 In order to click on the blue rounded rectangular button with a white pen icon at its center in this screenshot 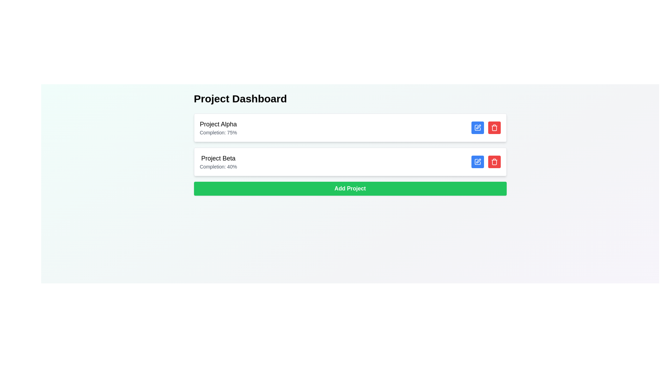, I will do `click(477, 127)`.